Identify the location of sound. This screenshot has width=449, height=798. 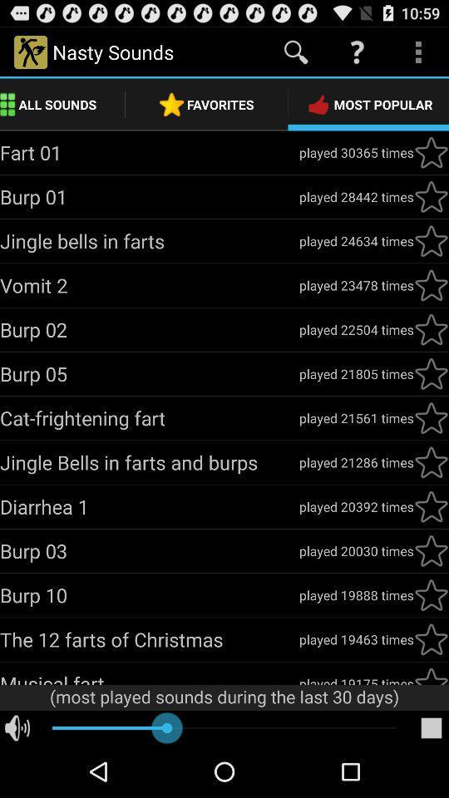
(431, 675).